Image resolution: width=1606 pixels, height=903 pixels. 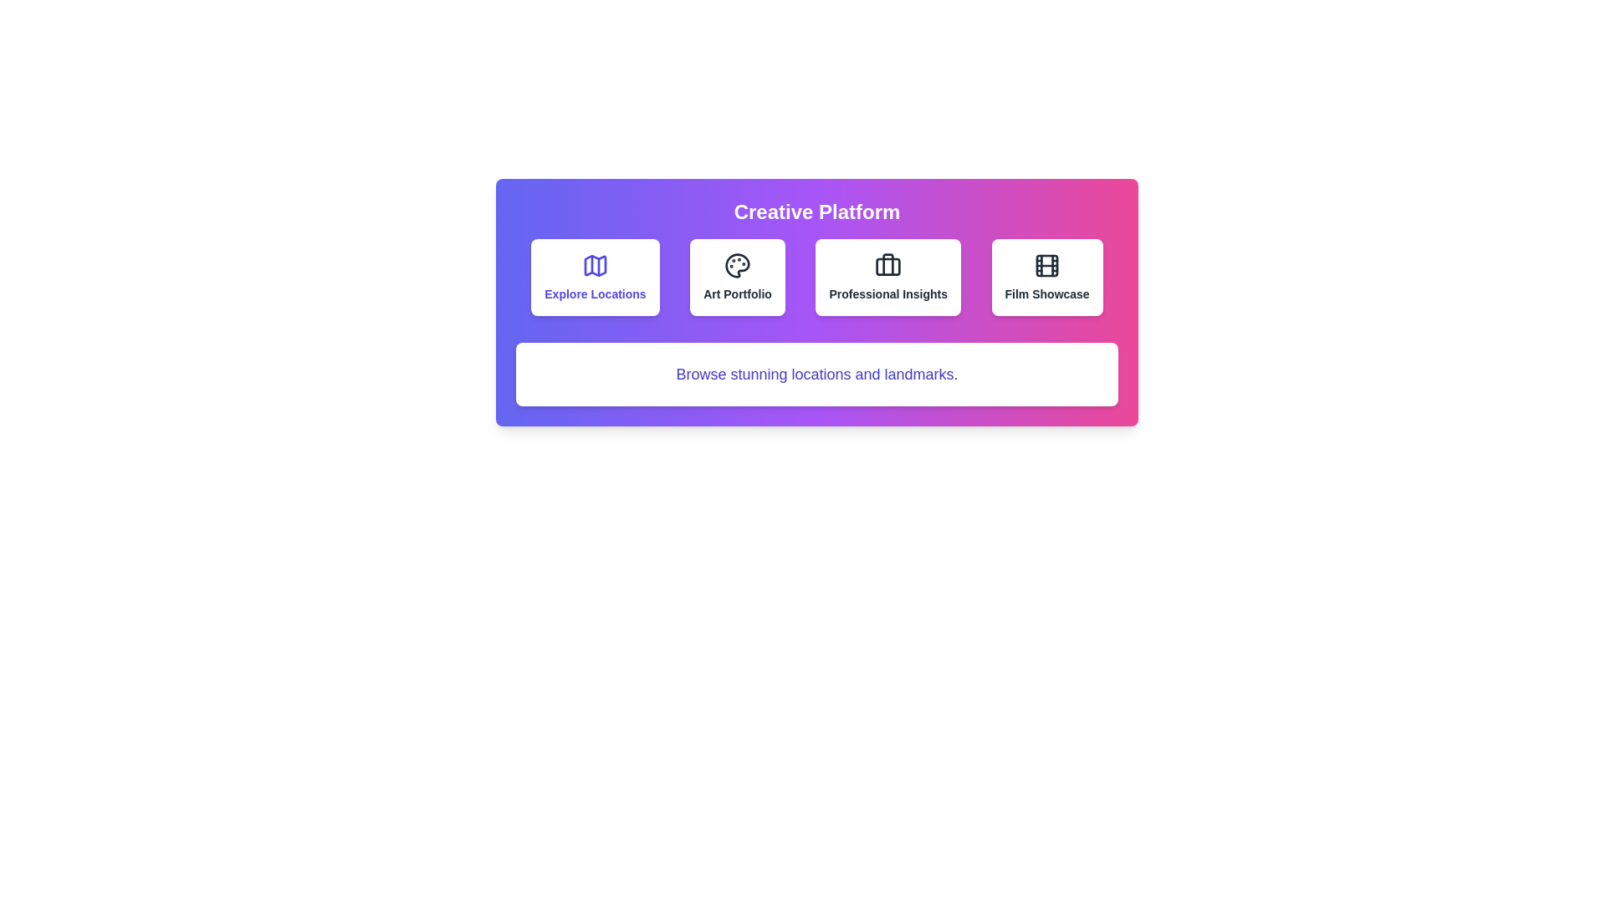 What do you see at coordinates (817, 212) in the screenshot?
I see `the title text 'Creative Platform' to focus on it` at bounding box center [817, 212].